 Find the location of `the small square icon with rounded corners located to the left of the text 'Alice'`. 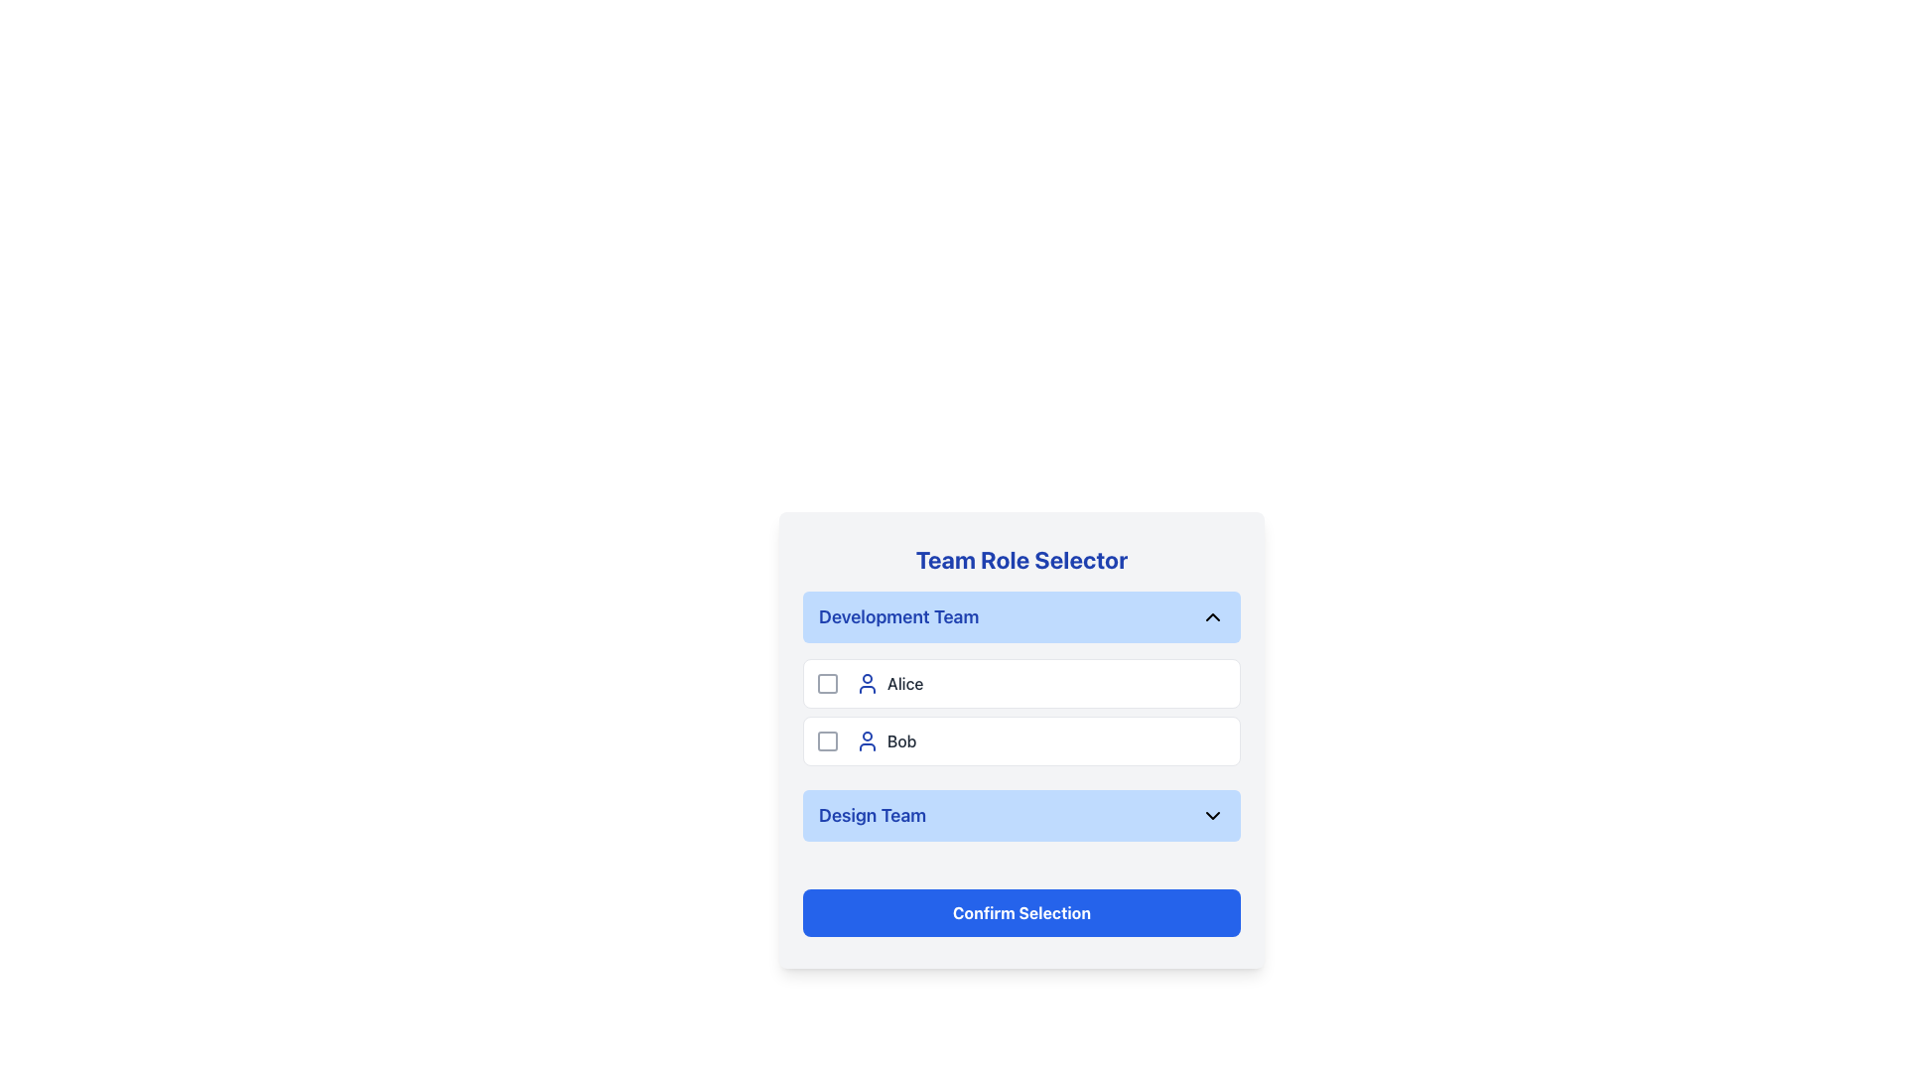

the small square icon with rounded corners located to the left of the text 'Alice' is located at coordinates (828, 683).